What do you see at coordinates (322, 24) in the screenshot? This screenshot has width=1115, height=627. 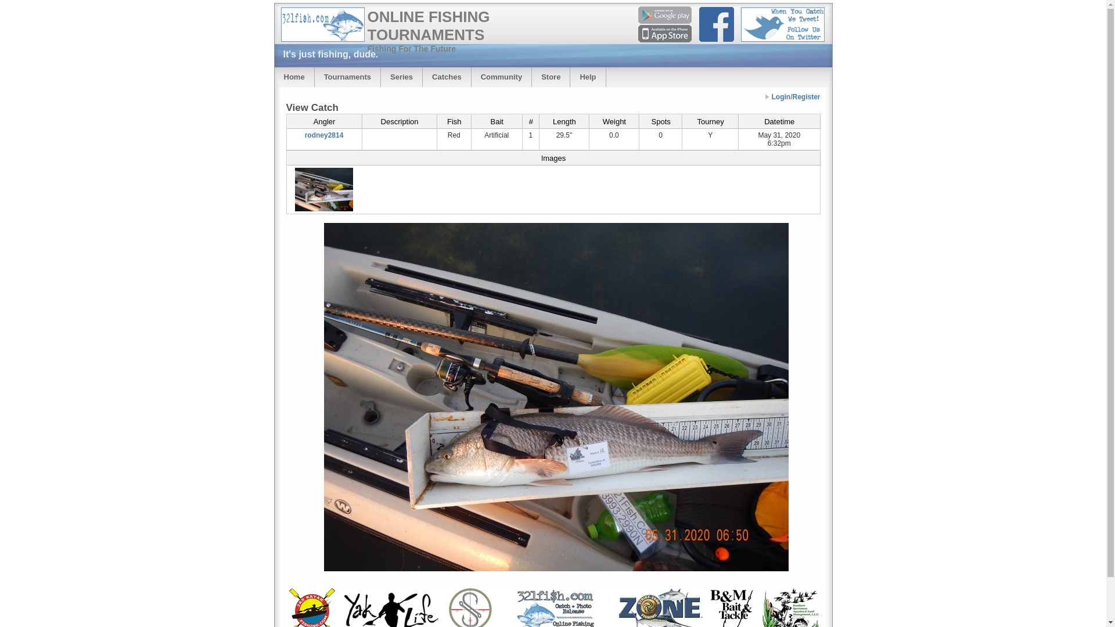 I see `'321Fish.com - Online Fishing Tournaments'` at bounding box center [322, 24].